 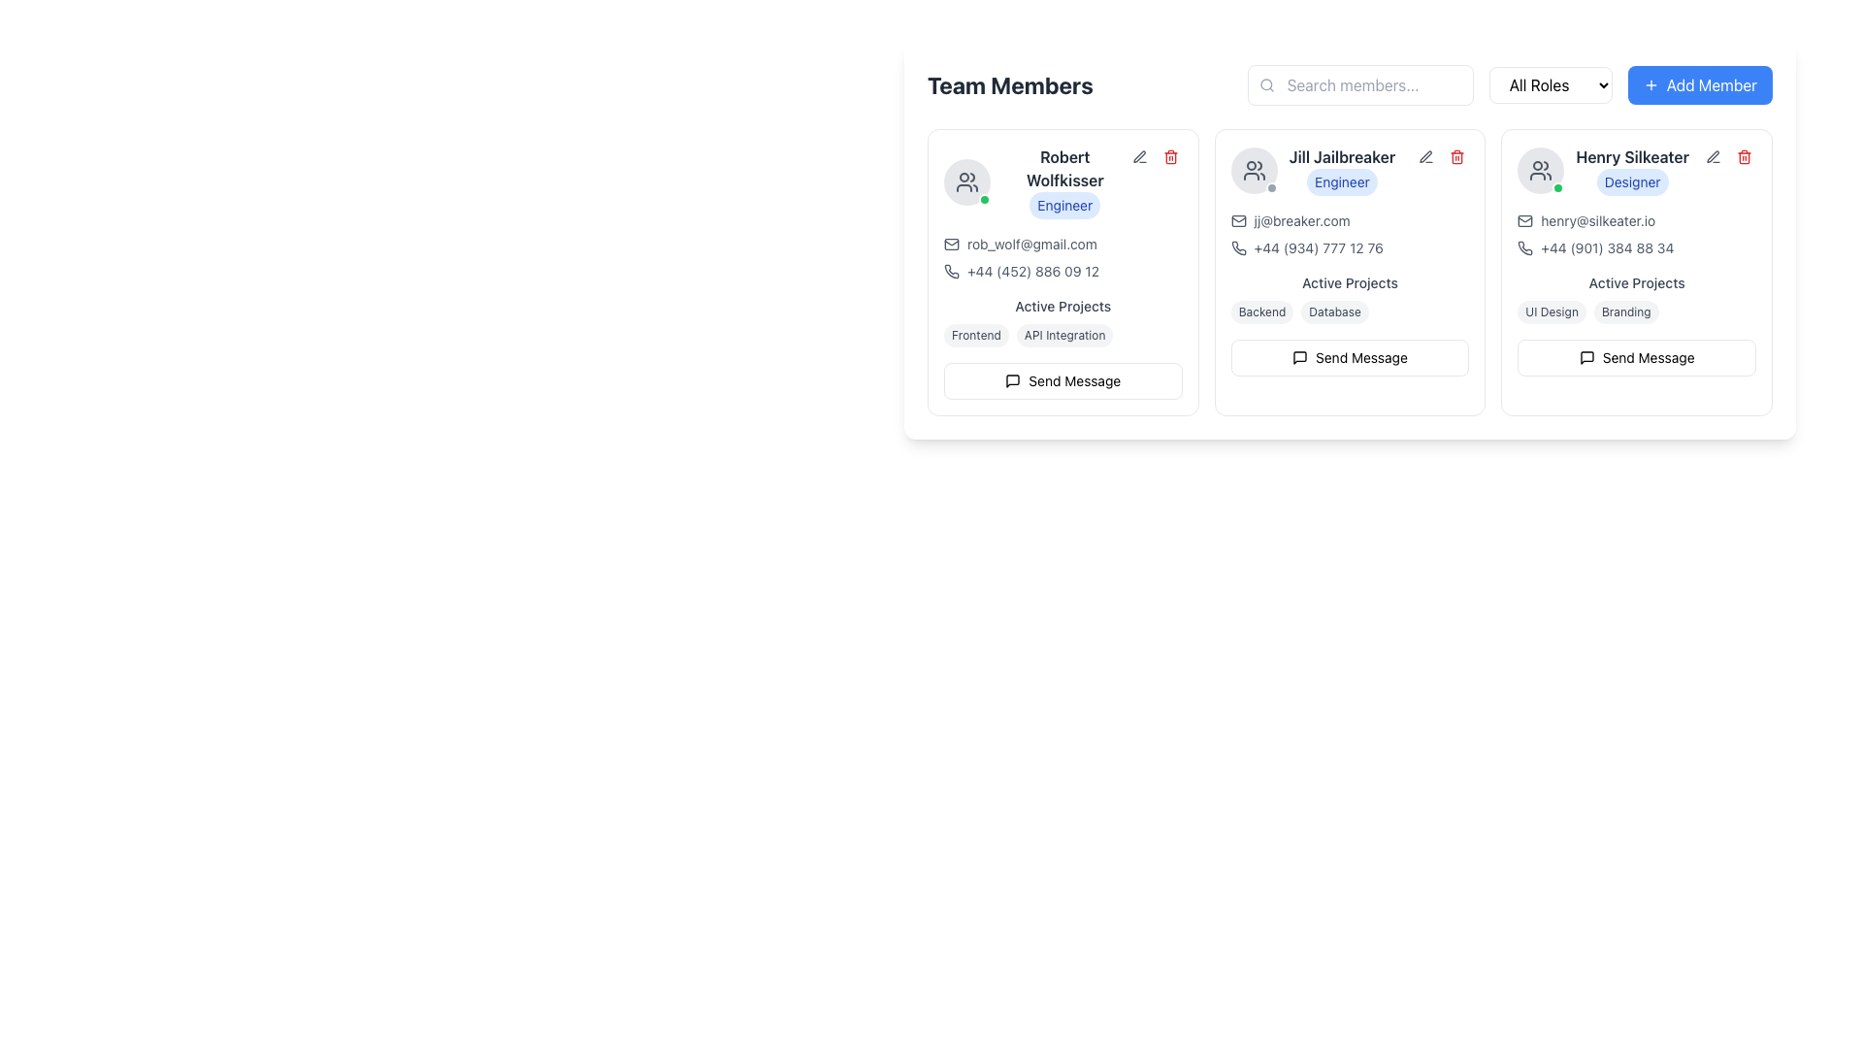 I want to click on the circular SVG element that represents the magnifying glass icon, which is part of the search functionality in the search bar at the top of the interface, so click(x=1265, y=83).